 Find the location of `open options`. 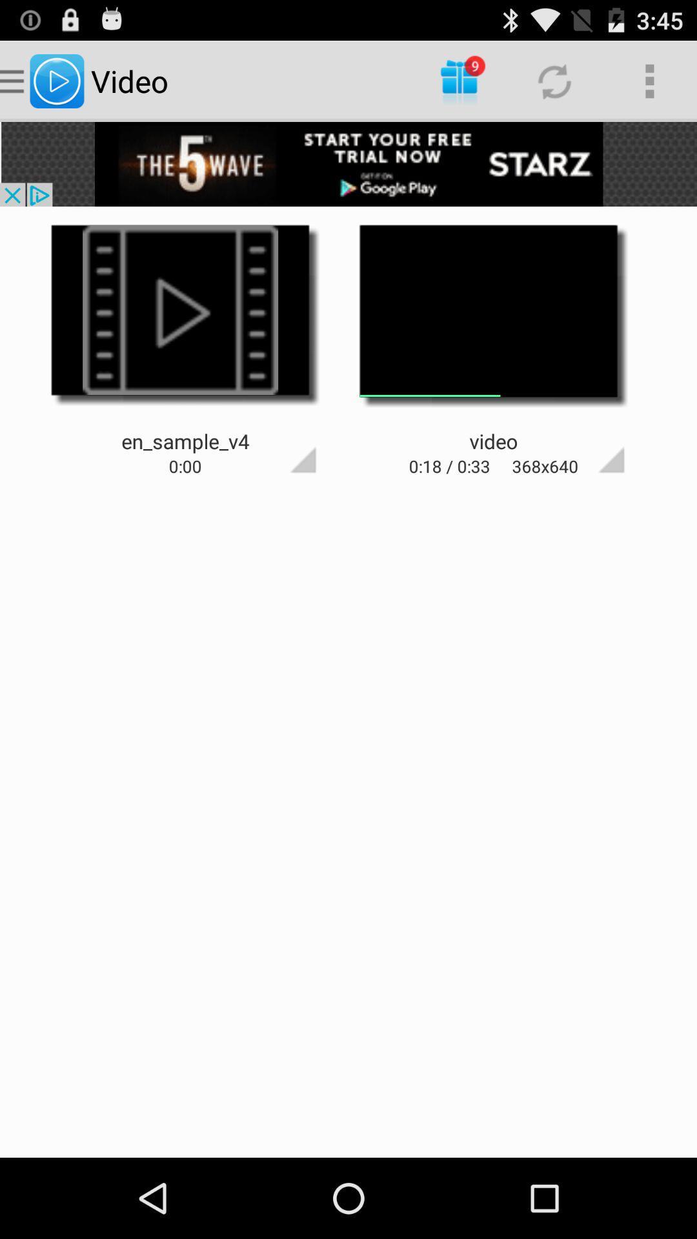

open options is located at coordinates (279, 437).